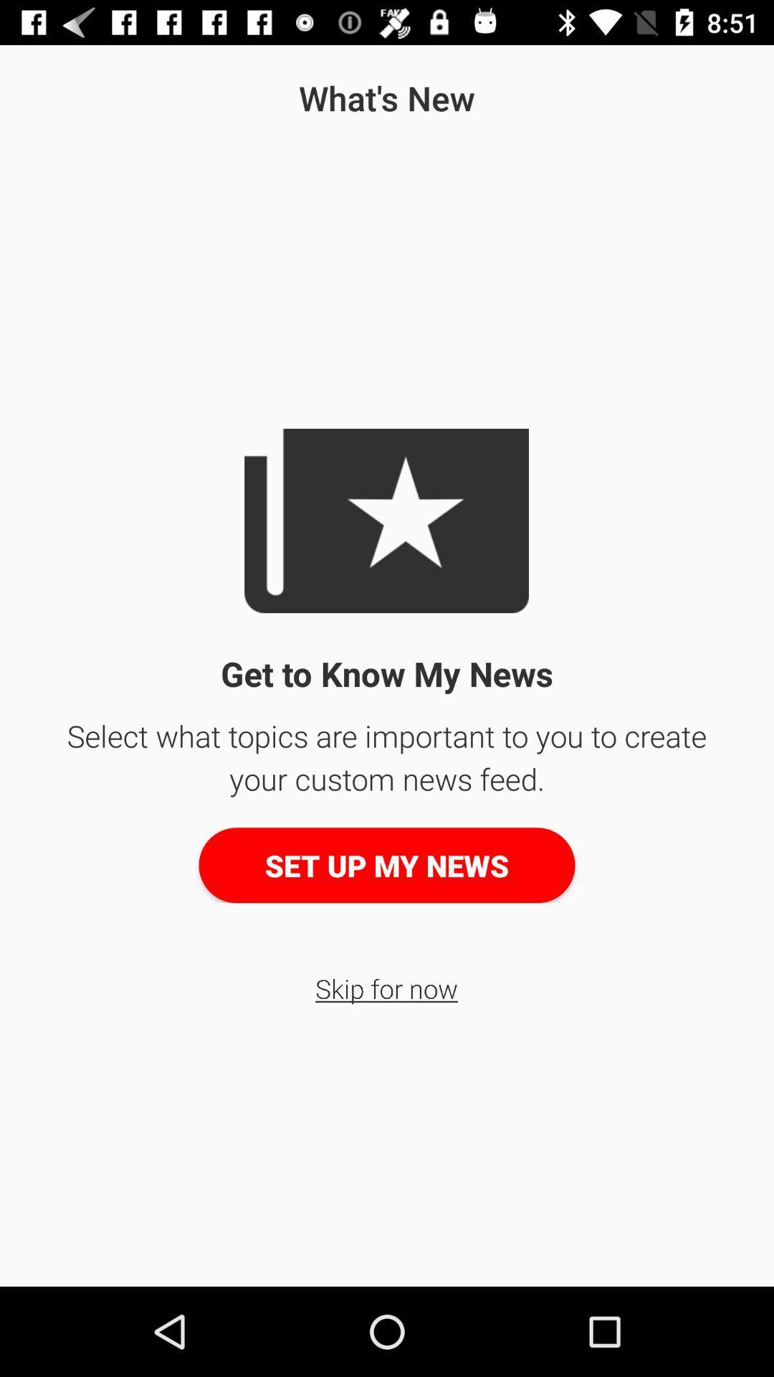  What do you see at coordinates (387, 864) in the screenshot?
I see `set up my` at bounding box center [387, 864].